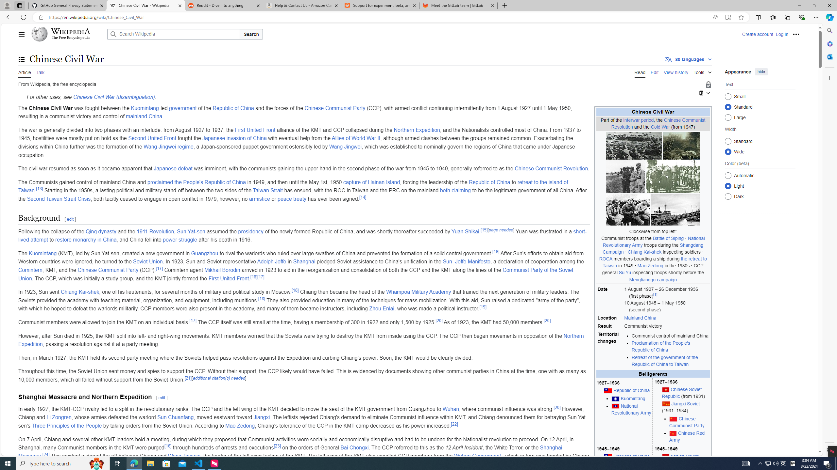  Describe the element at coordinates (728, 96) in the screenshot. I see `'Small'` at that location.